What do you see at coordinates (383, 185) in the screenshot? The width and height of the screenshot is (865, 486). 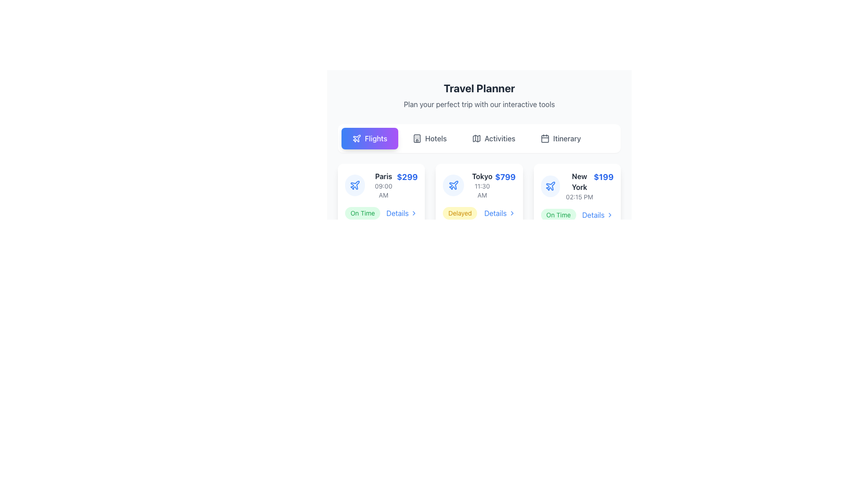 I see `displayed text of the text display element showing 'Paris' and '09:00 AM' located in the first flight option panel under the 'Flights' tab` at bounding box center [383, 185].